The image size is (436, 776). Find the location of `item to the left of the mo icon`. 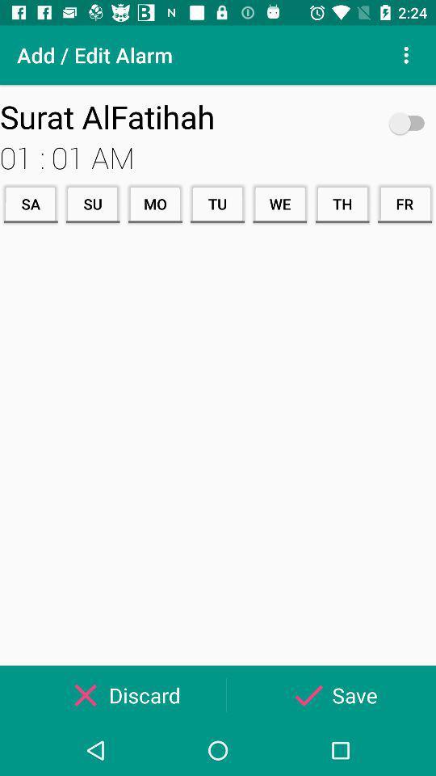

item to the left of the mo icon is located at coordinates (93, 203).